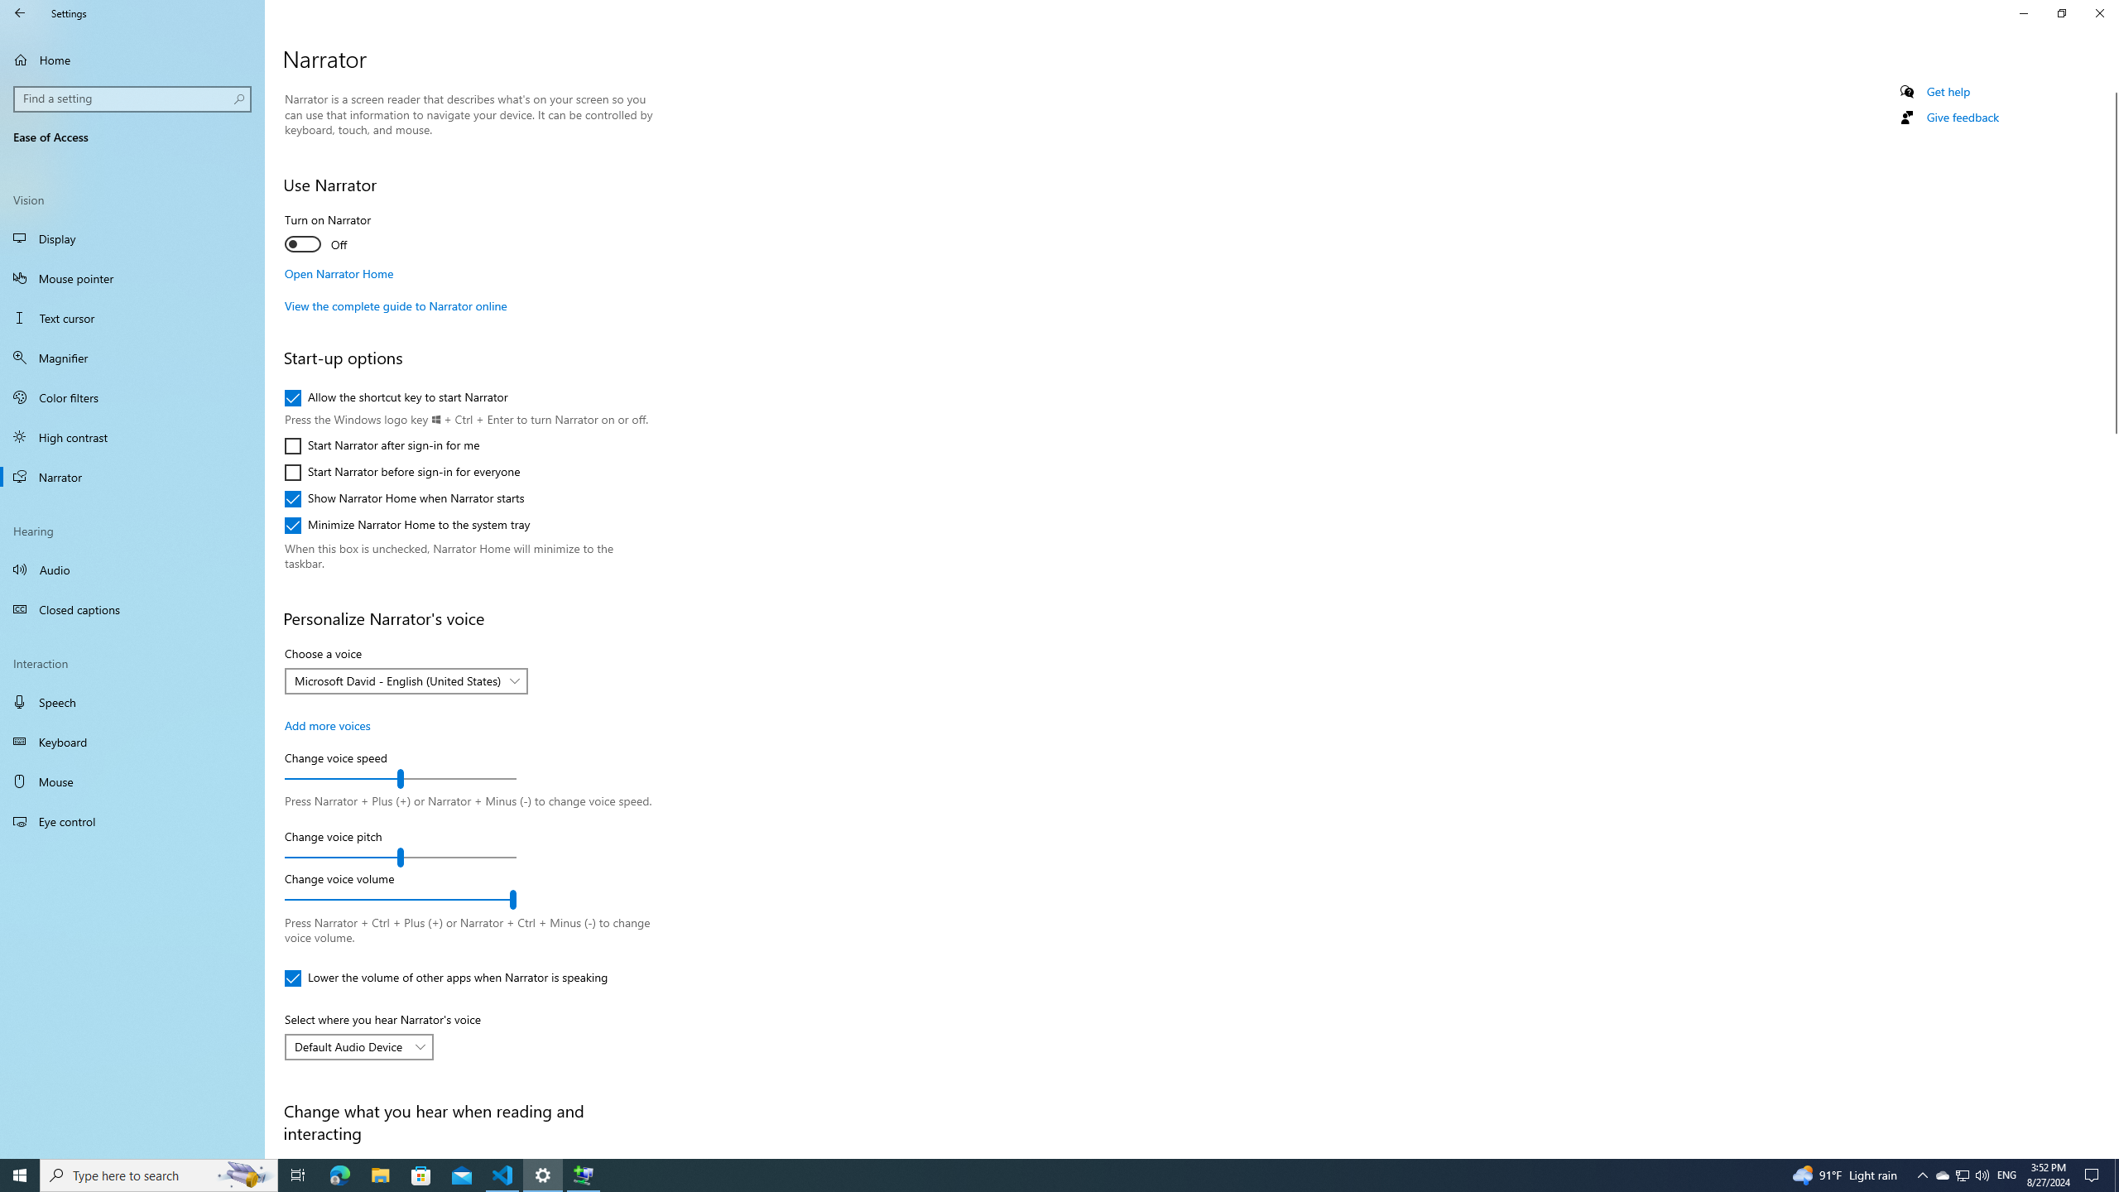  Describe the element at coordinates (401, 472) in the screenshot. I see `'Start Narrator before sign-in for everyone'` at that location.